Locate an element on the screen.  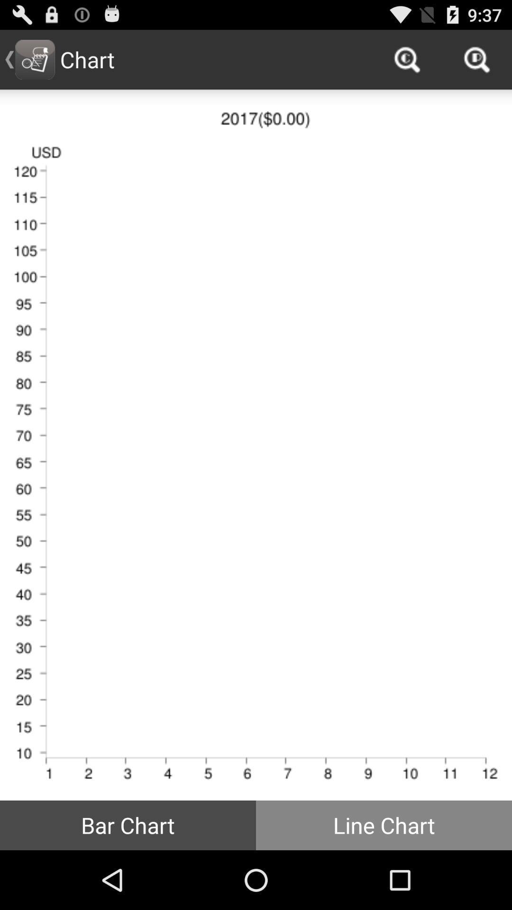
the line chart icon is located at coordinates (384, 825).